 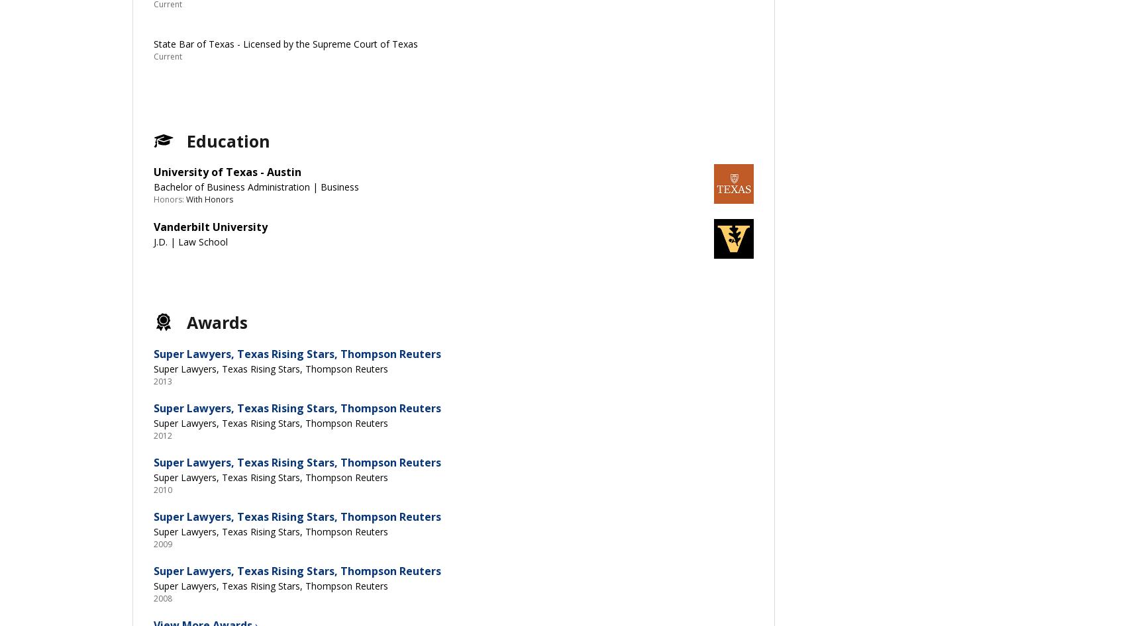 What do you see at coordinates (162, 488) in the screenshot?
I see `'2010'` at bounding box center [162, 488].